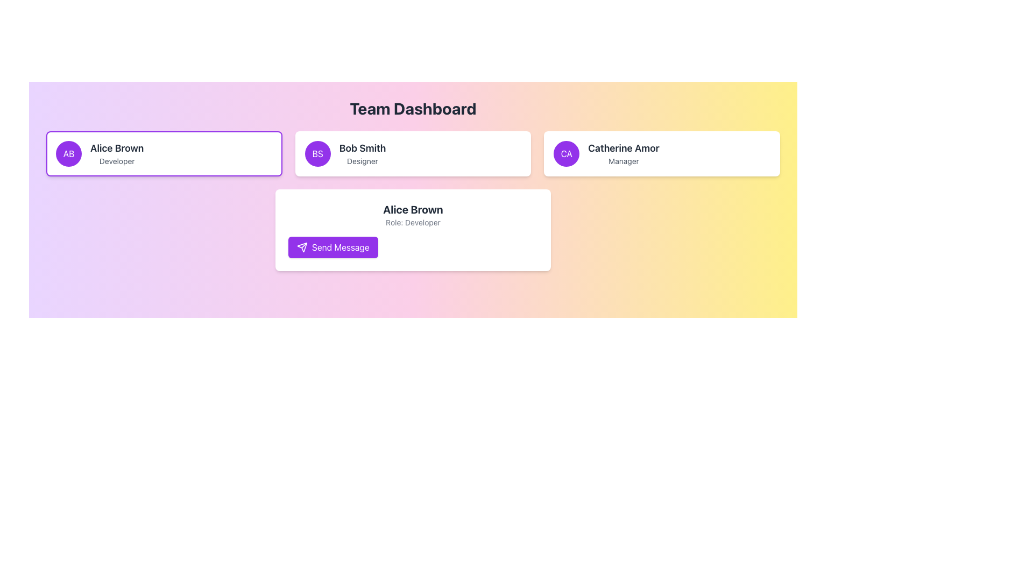 Image resolution: width=1033 pixels, height=581 pixels. I want to click on static text label 'Manager' located directly underneath 'Catherine Amor' within their profile card area, so click(624, 161).